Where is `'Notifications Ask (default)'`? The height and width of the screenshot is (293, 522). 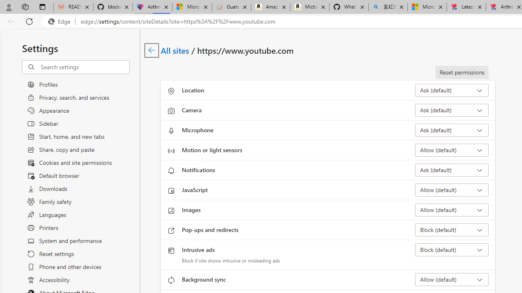 'Notifications Ask (default)' is located at coordinates (451, 169).